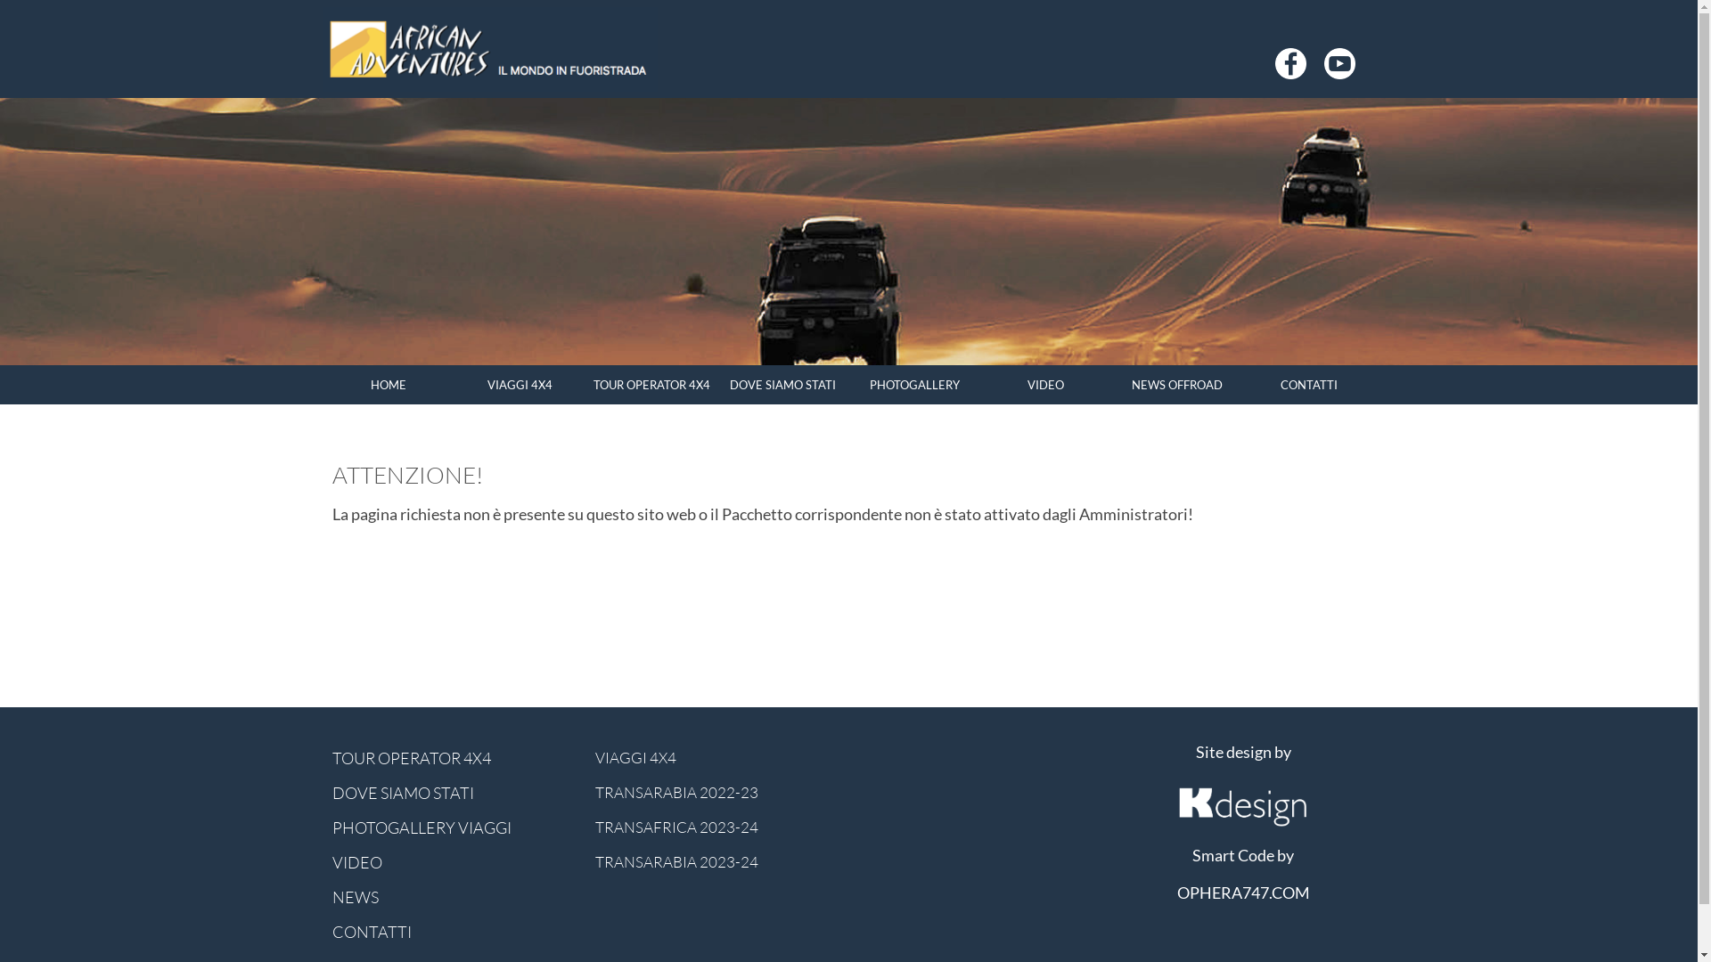 This screenshot has width=1711, height=962. What do you see at coordinates (1241, 893) in the screenshot?
I see `'OPHERA747.COM'` at bounding box center [1241, 893].